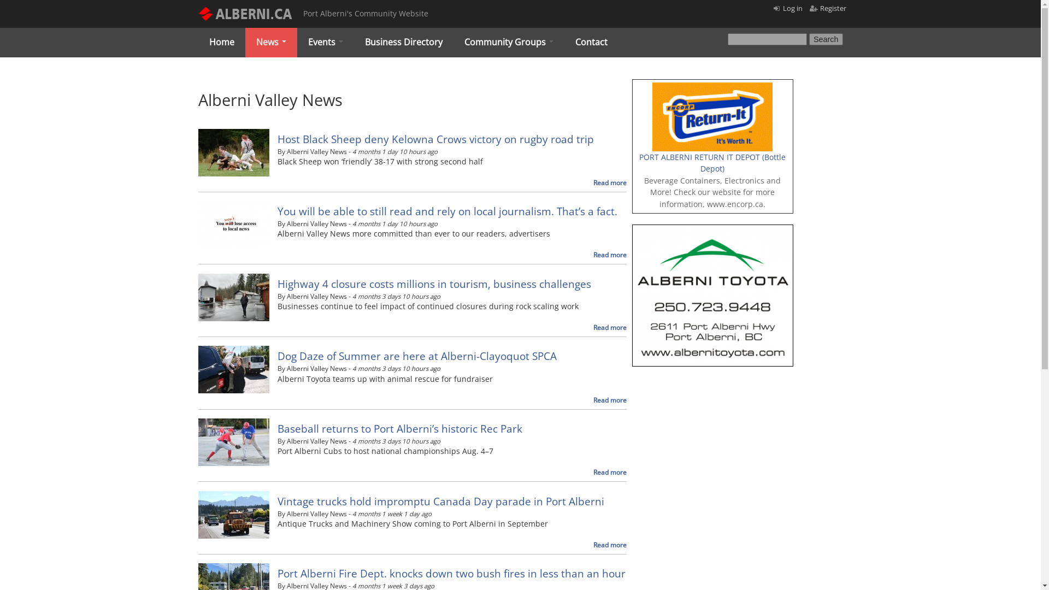  I want to click on 'Alberni Toyota', so click(712, 229).